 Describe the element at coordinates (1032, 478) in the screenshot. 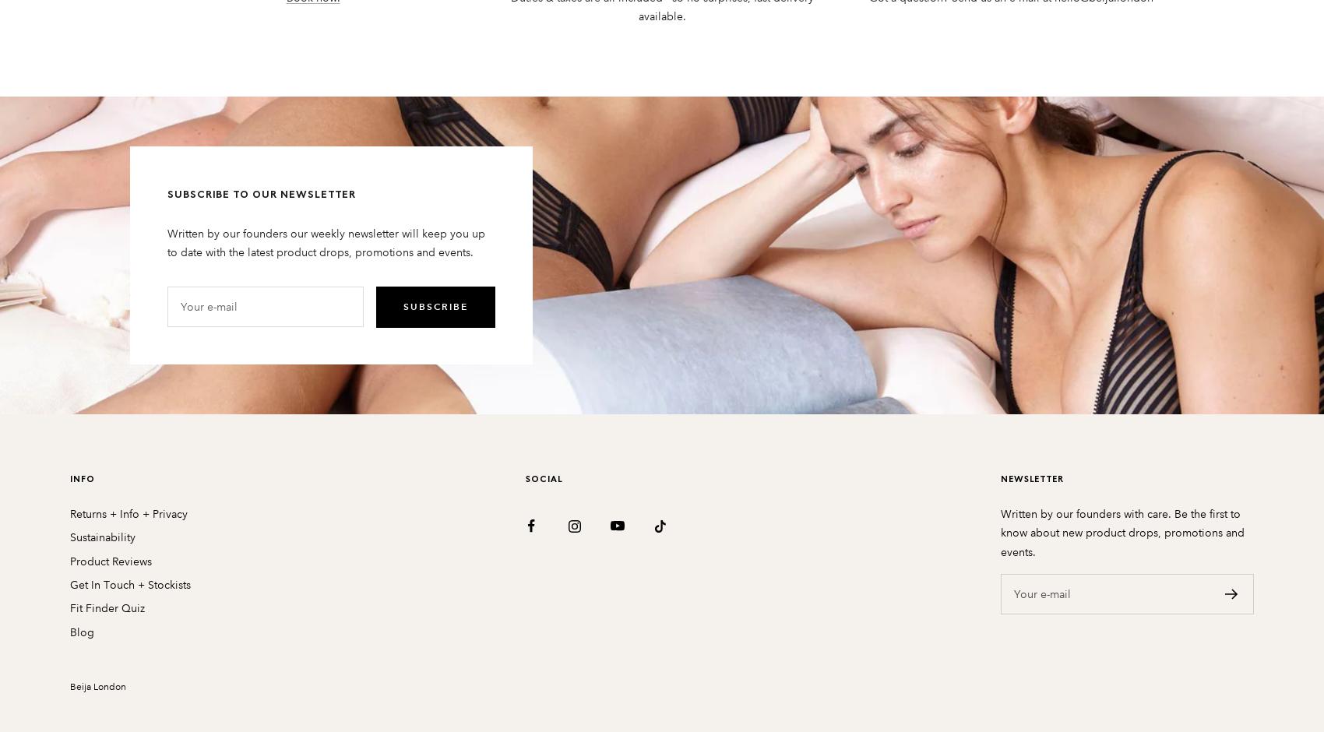

I see `'NEWSLETTER'` at that location.